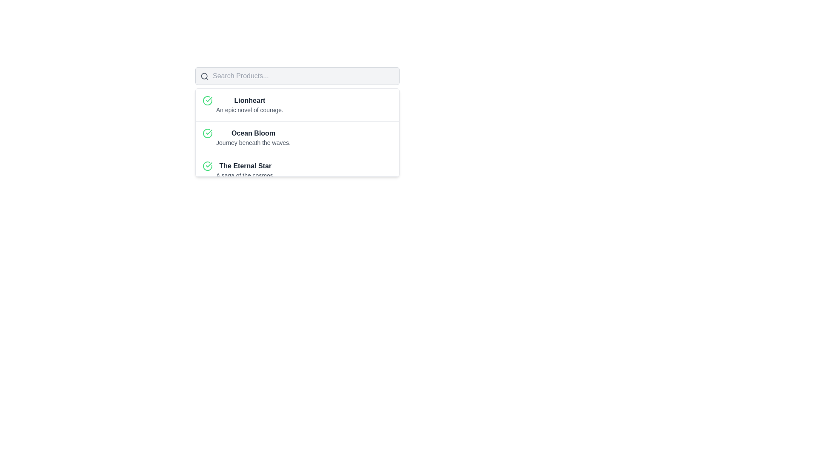  I want to click on the Text block element, which is centered below 'Lionheart' and above 'The Eternal Star', so click(253, 137).